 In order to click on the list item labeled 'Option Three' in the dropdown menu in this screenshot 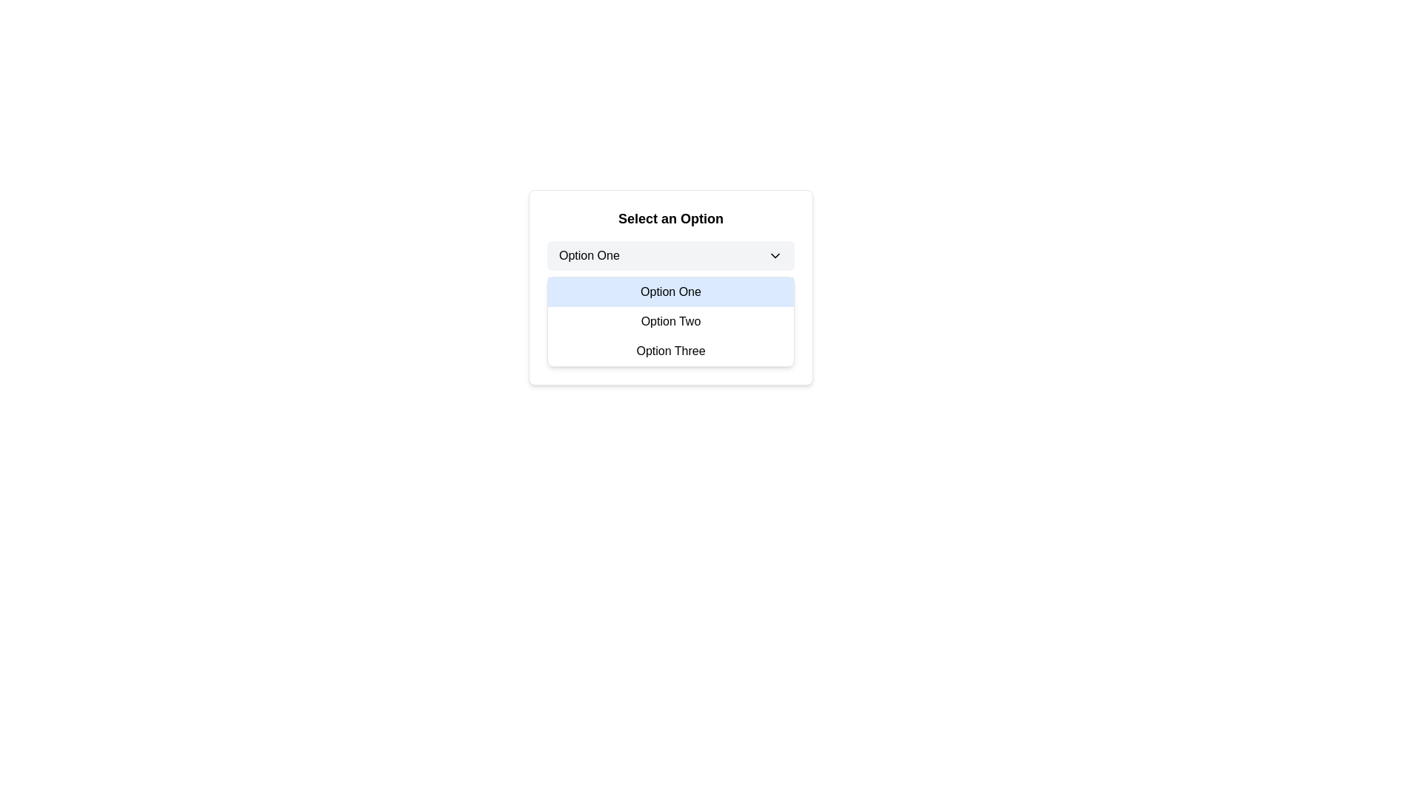, I will do `click(670, 351)`.